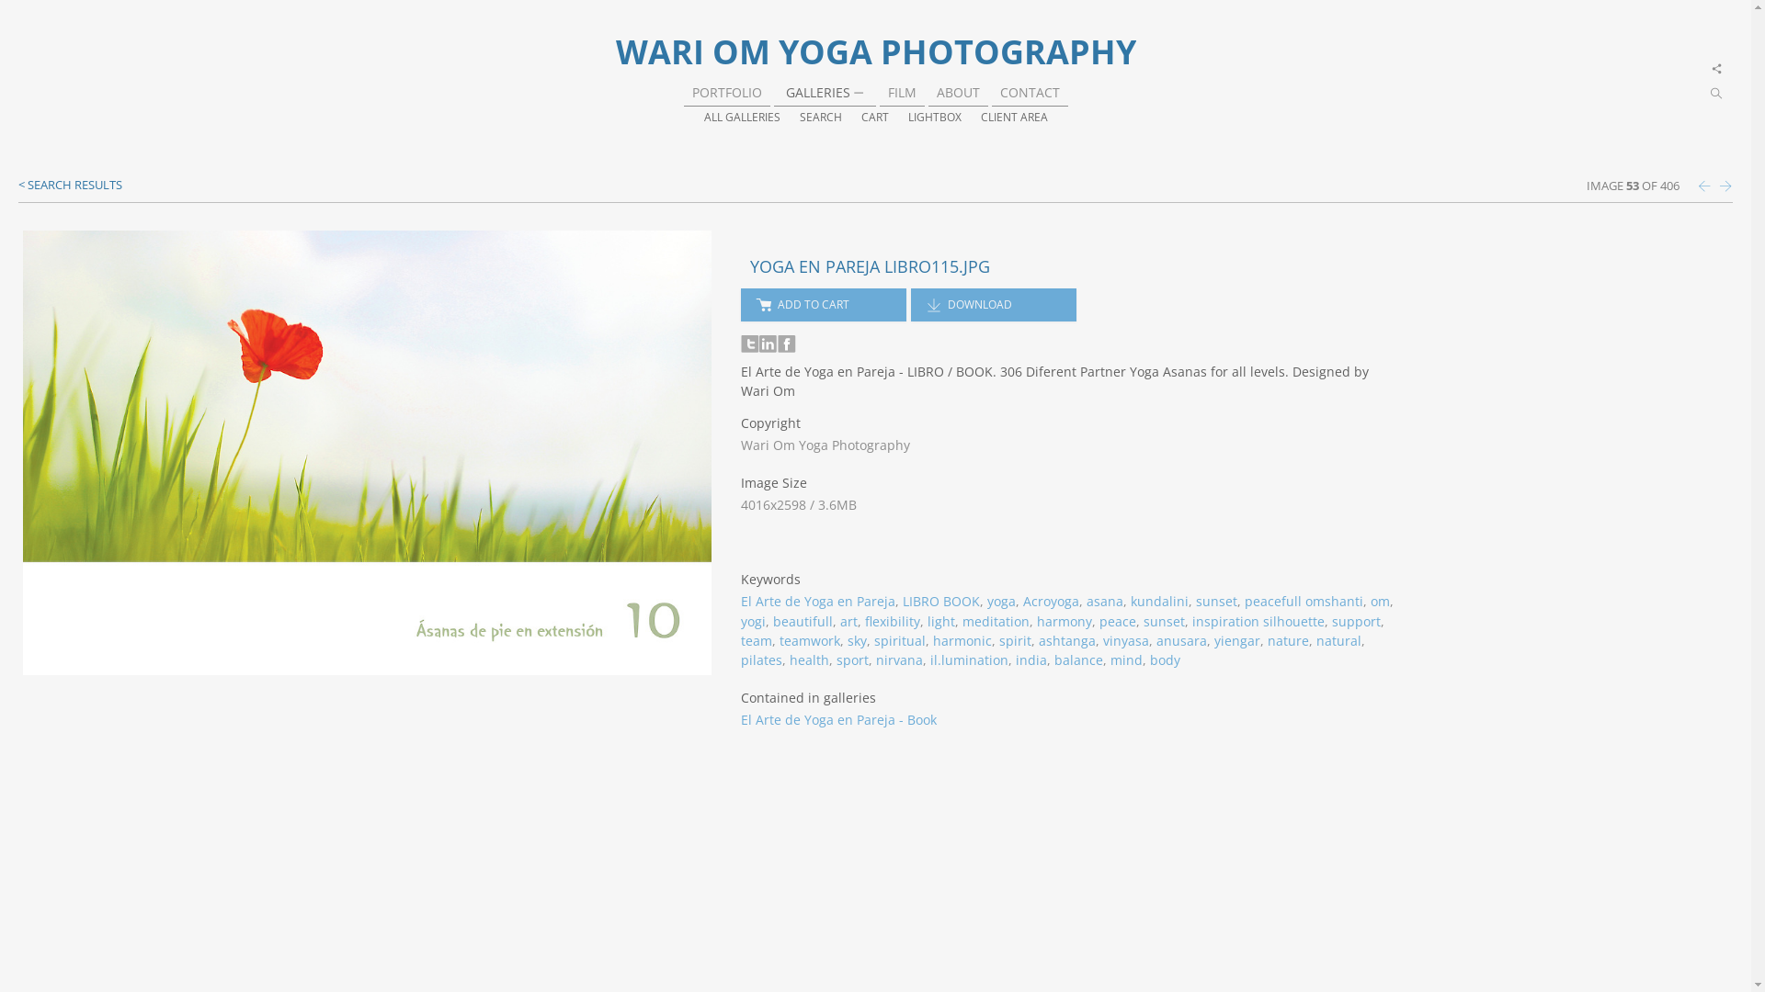  Describe the element at coordinates (837, 718) in the screenshot. I see `'El Arte de Yoga en Pareja - Book'` at that location.